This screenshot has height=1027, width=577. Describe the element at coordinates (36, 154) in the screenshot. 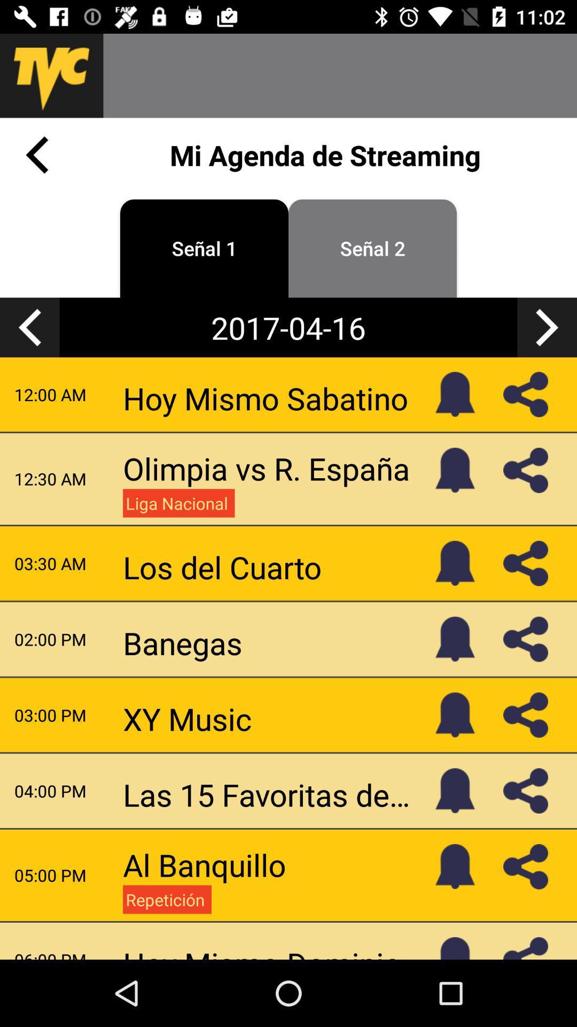

I see `the arrow_backward icon` at that location.